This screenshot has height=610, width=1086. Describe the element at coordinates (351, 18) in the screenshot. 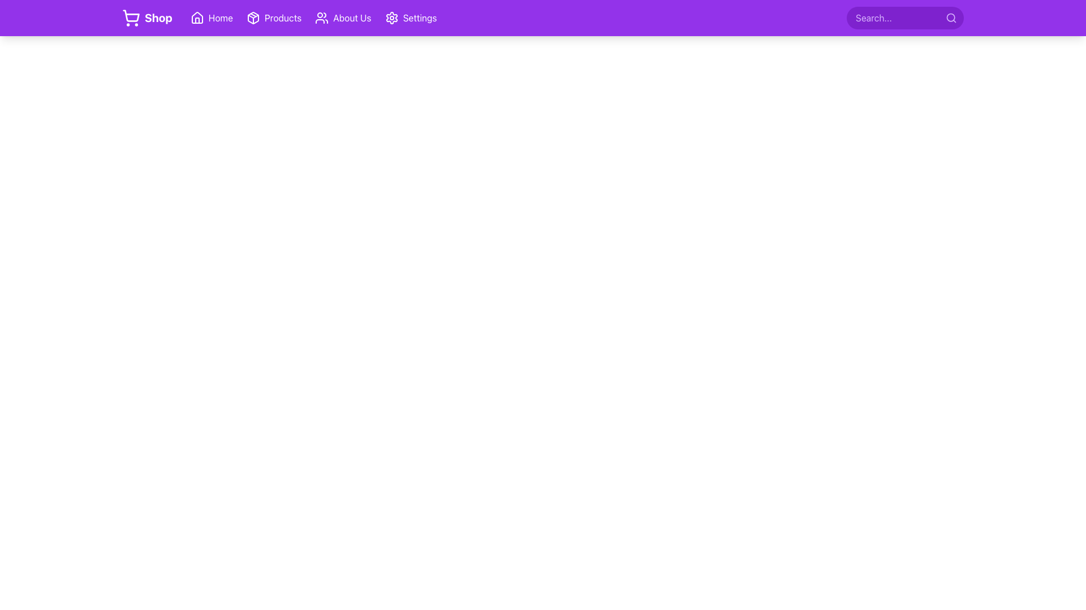

I see `the 'About Us' text-based link in the navigation menu` at that location.